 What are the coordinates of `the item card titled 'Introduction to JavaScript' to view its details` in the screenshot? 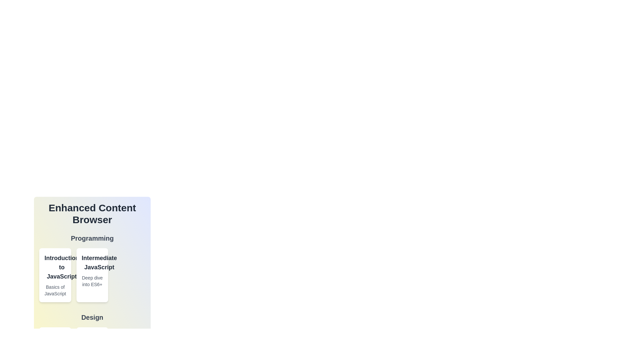 It's located at (62, 267).